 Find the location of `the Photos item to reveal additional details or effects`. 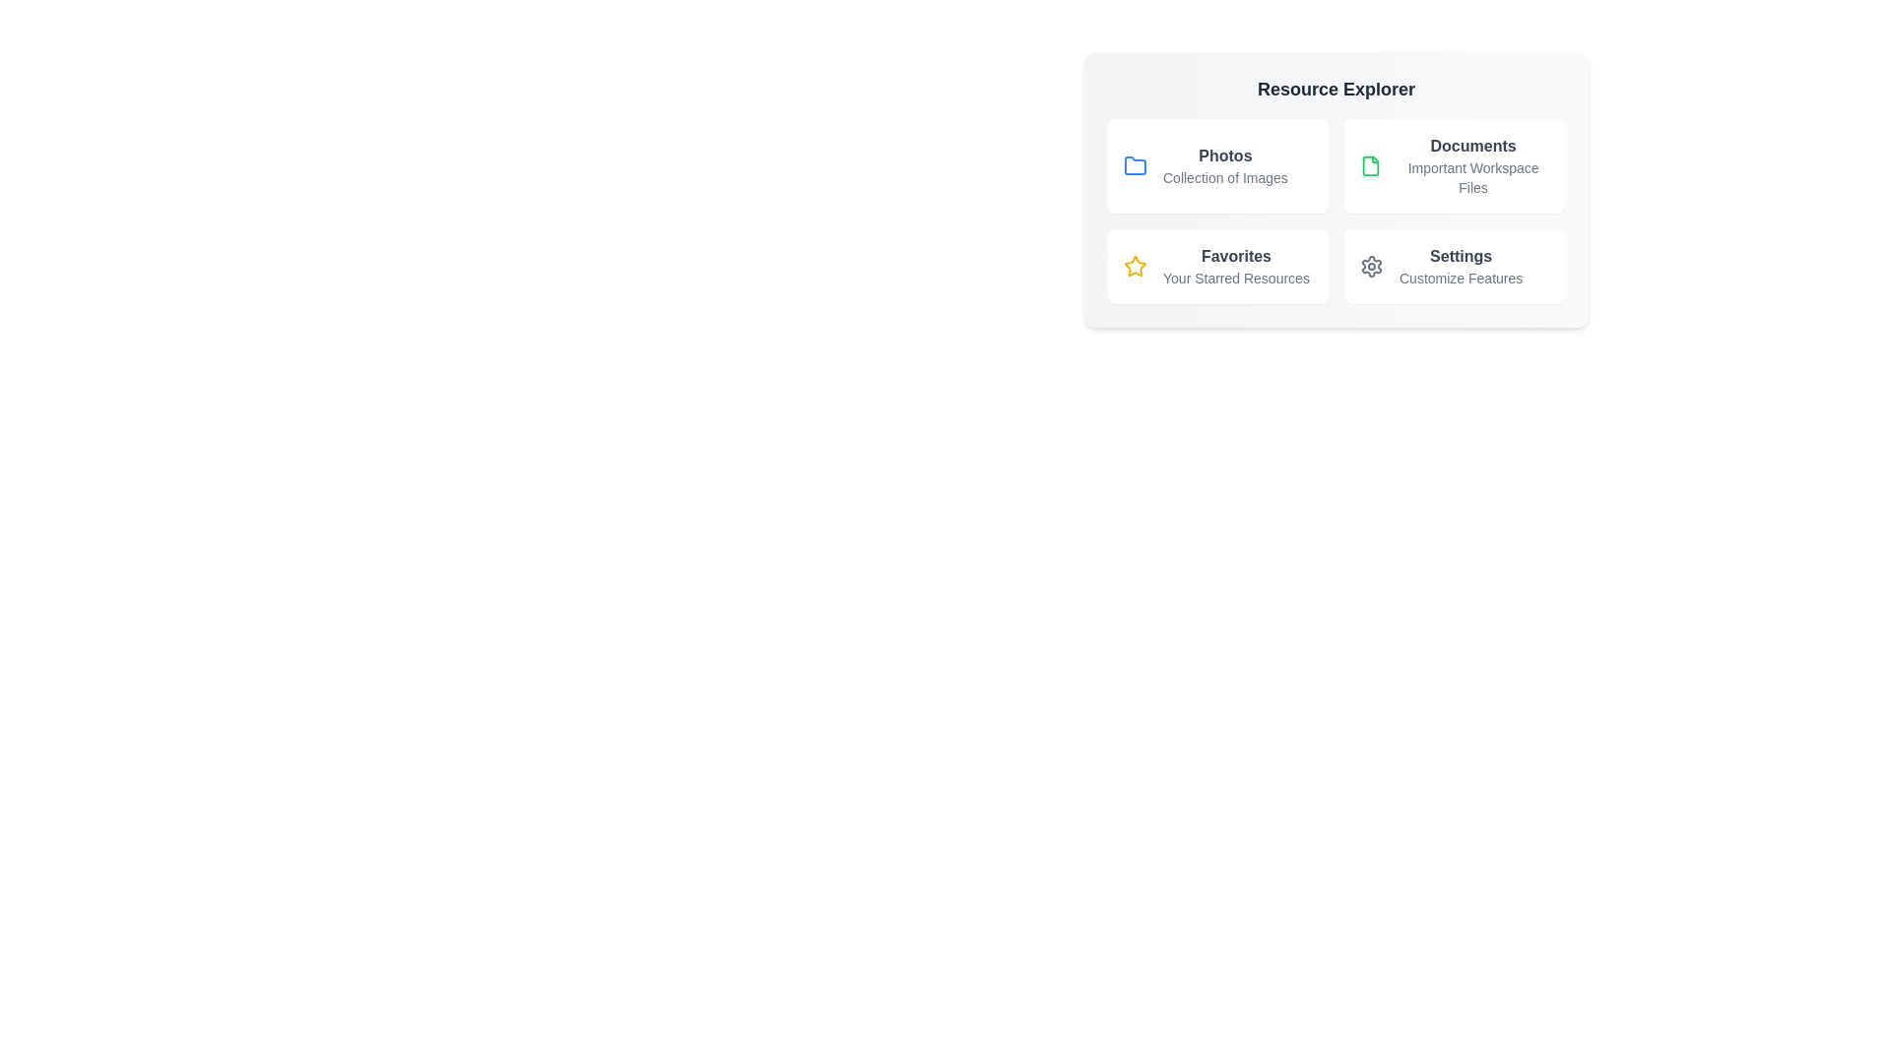

the Photos item to reveal additional details or effects is located at coordinates (1217, 165).